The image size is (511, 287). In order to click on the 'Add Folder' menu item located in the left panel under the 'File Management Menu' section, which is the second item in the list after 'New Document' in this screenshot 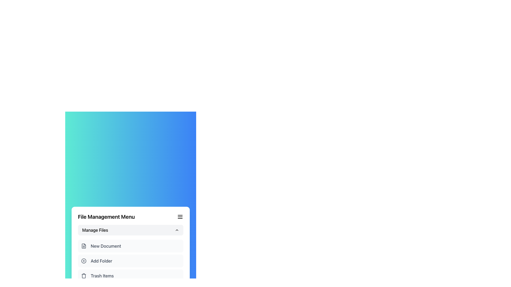, I will do `click(130, 261)`.